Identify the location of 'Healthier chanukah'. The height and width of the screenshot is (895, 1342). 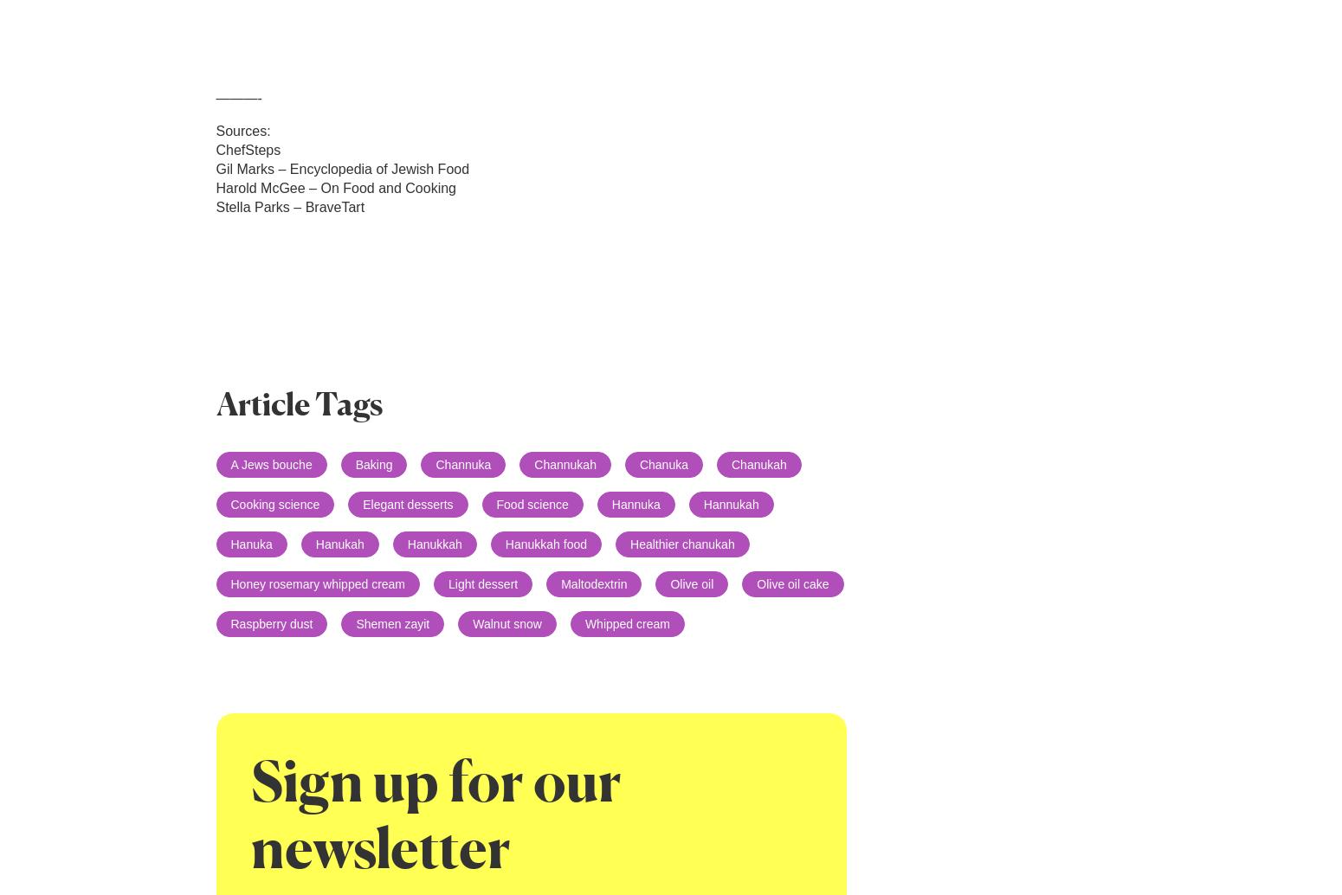
(681, 544).